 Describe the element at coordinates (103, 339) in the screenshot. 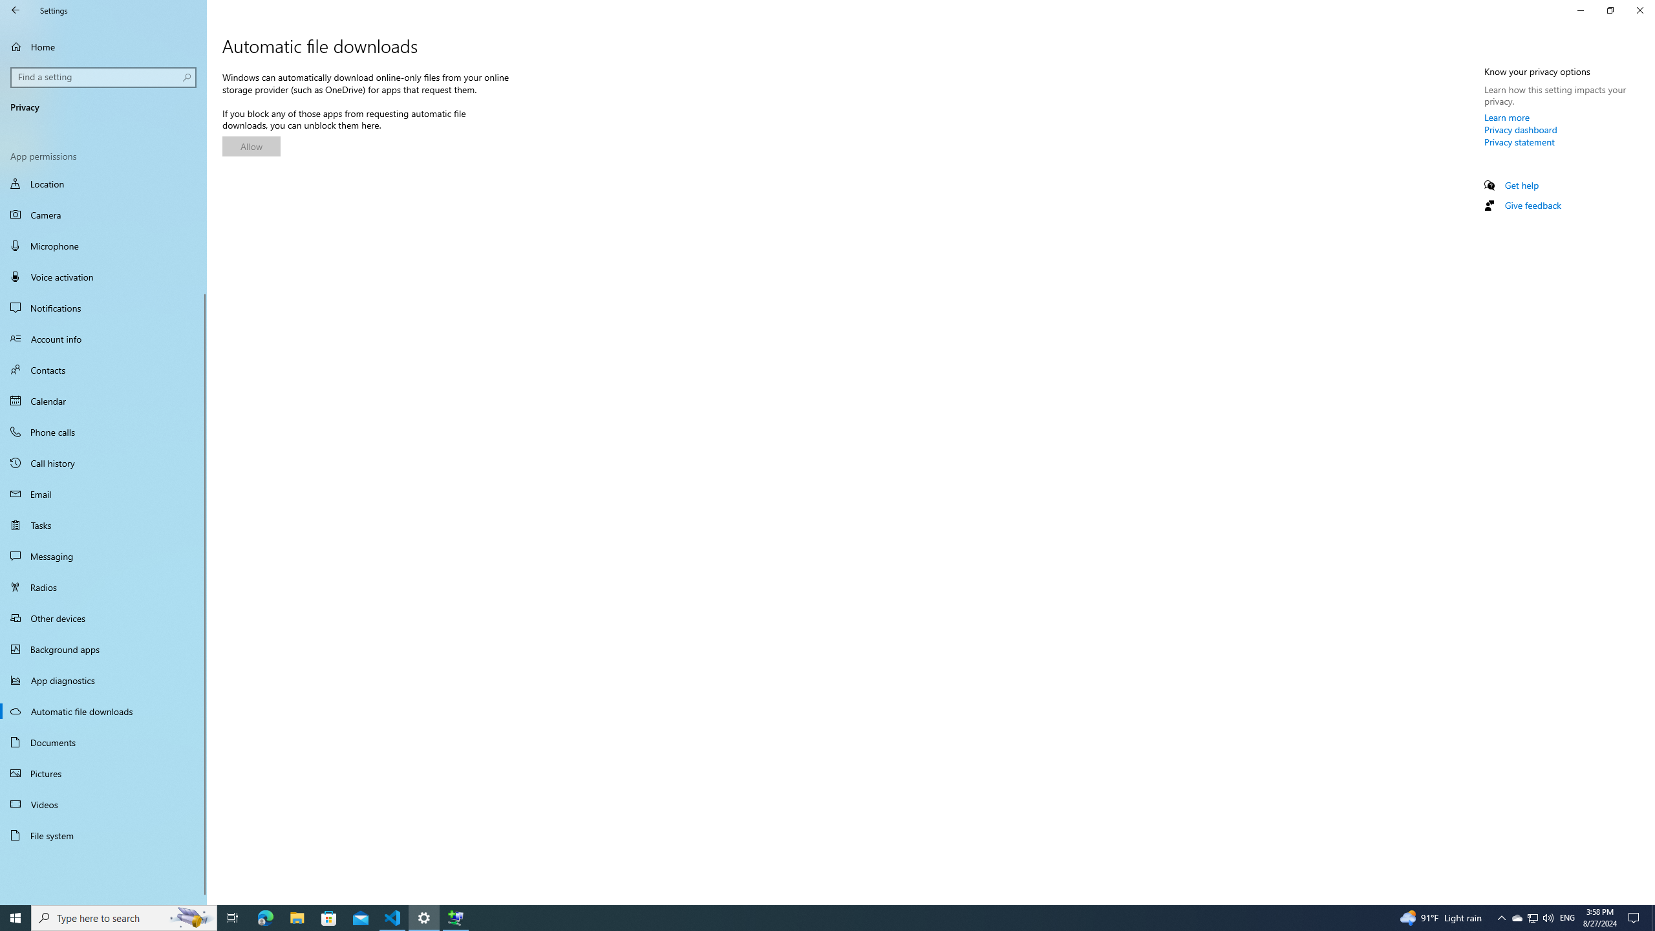

I see `'Account info'` at that location.